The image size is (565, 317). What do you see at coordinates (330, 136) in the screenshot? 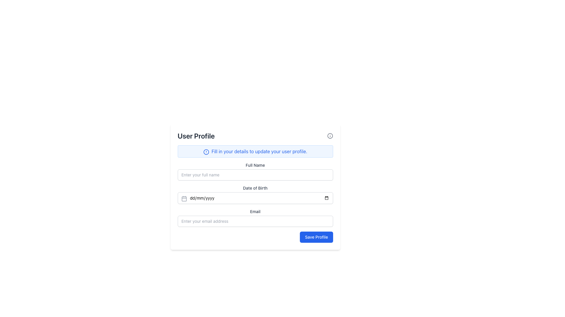
I see `the informational guidance icon in the top-right corner of the 'User Profile' section` at bounding box center [330, 136].